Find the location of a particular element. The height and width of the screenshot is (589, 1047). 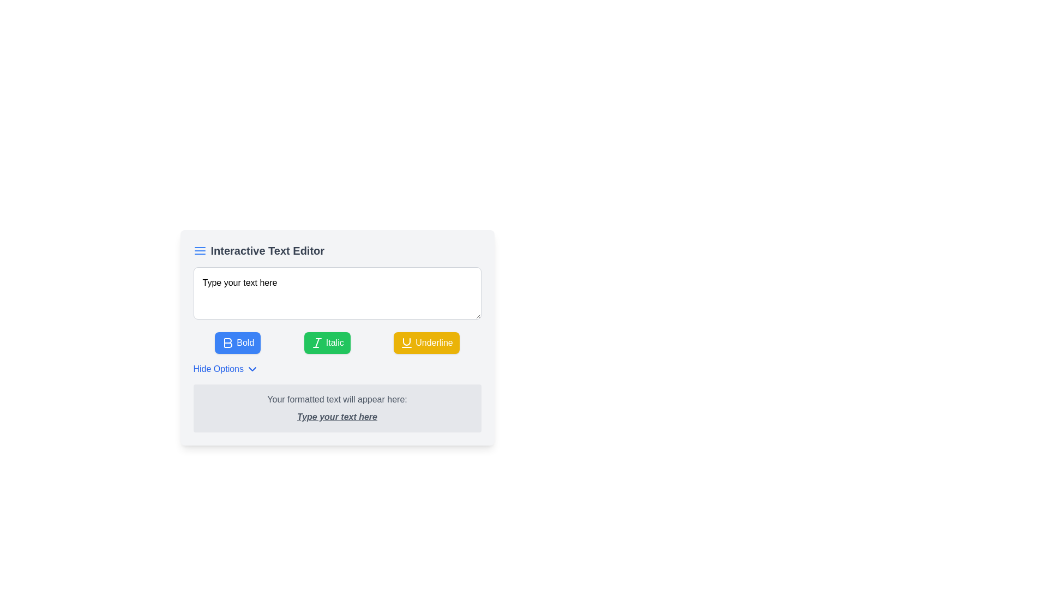

the underline formatting button located in the lower section of the interface, positioned to the right of the Bold and Italic buttons is located at coordinates (426, 342).